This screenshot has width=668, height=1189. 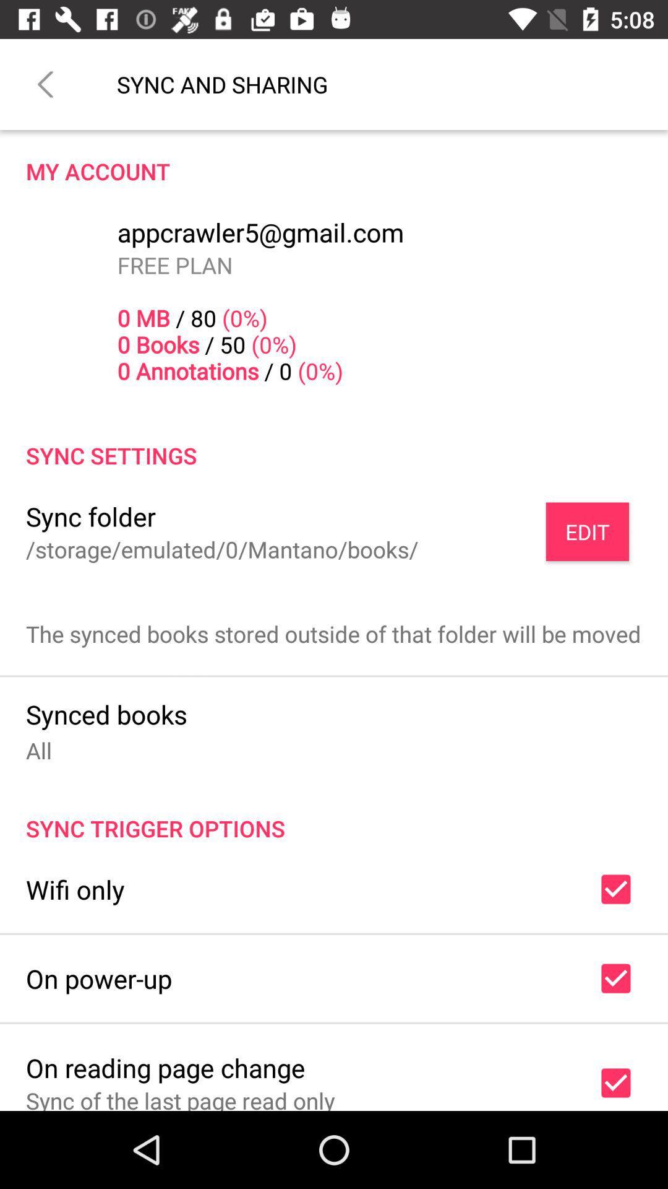 I want to click on go back, so click(x=45, y=84).